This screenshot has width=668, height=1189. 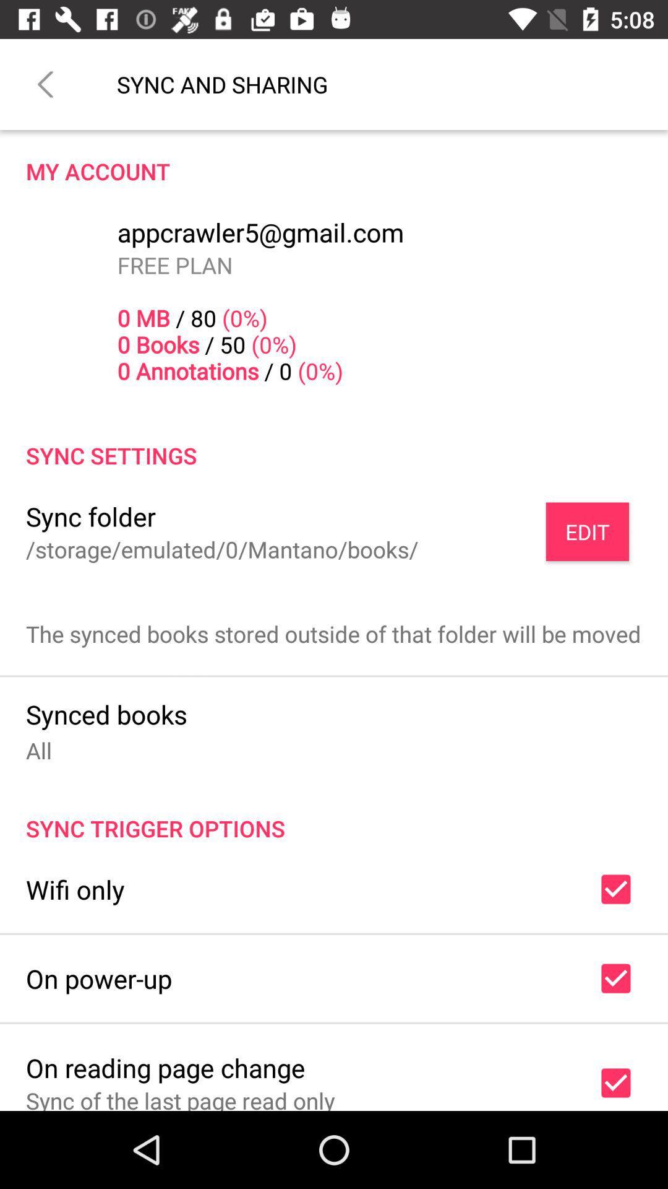 I want to click on go back, so click(x=45, y=84).